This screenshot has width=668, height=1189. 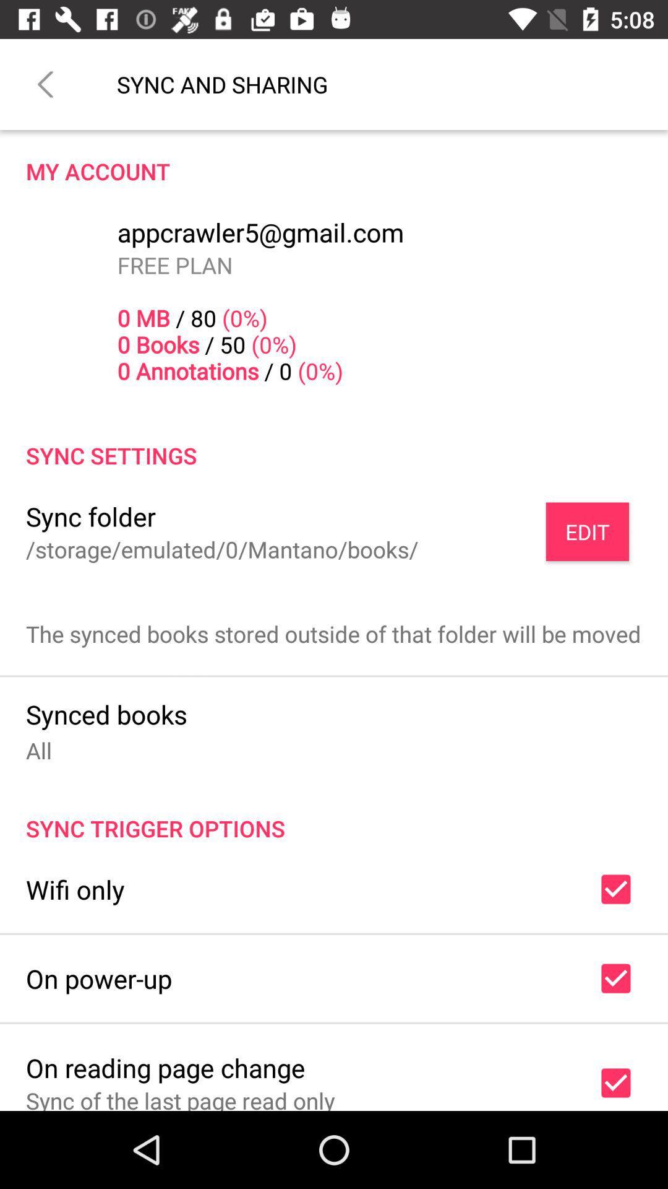 I want to click on go back, so click(x=45, y=84).